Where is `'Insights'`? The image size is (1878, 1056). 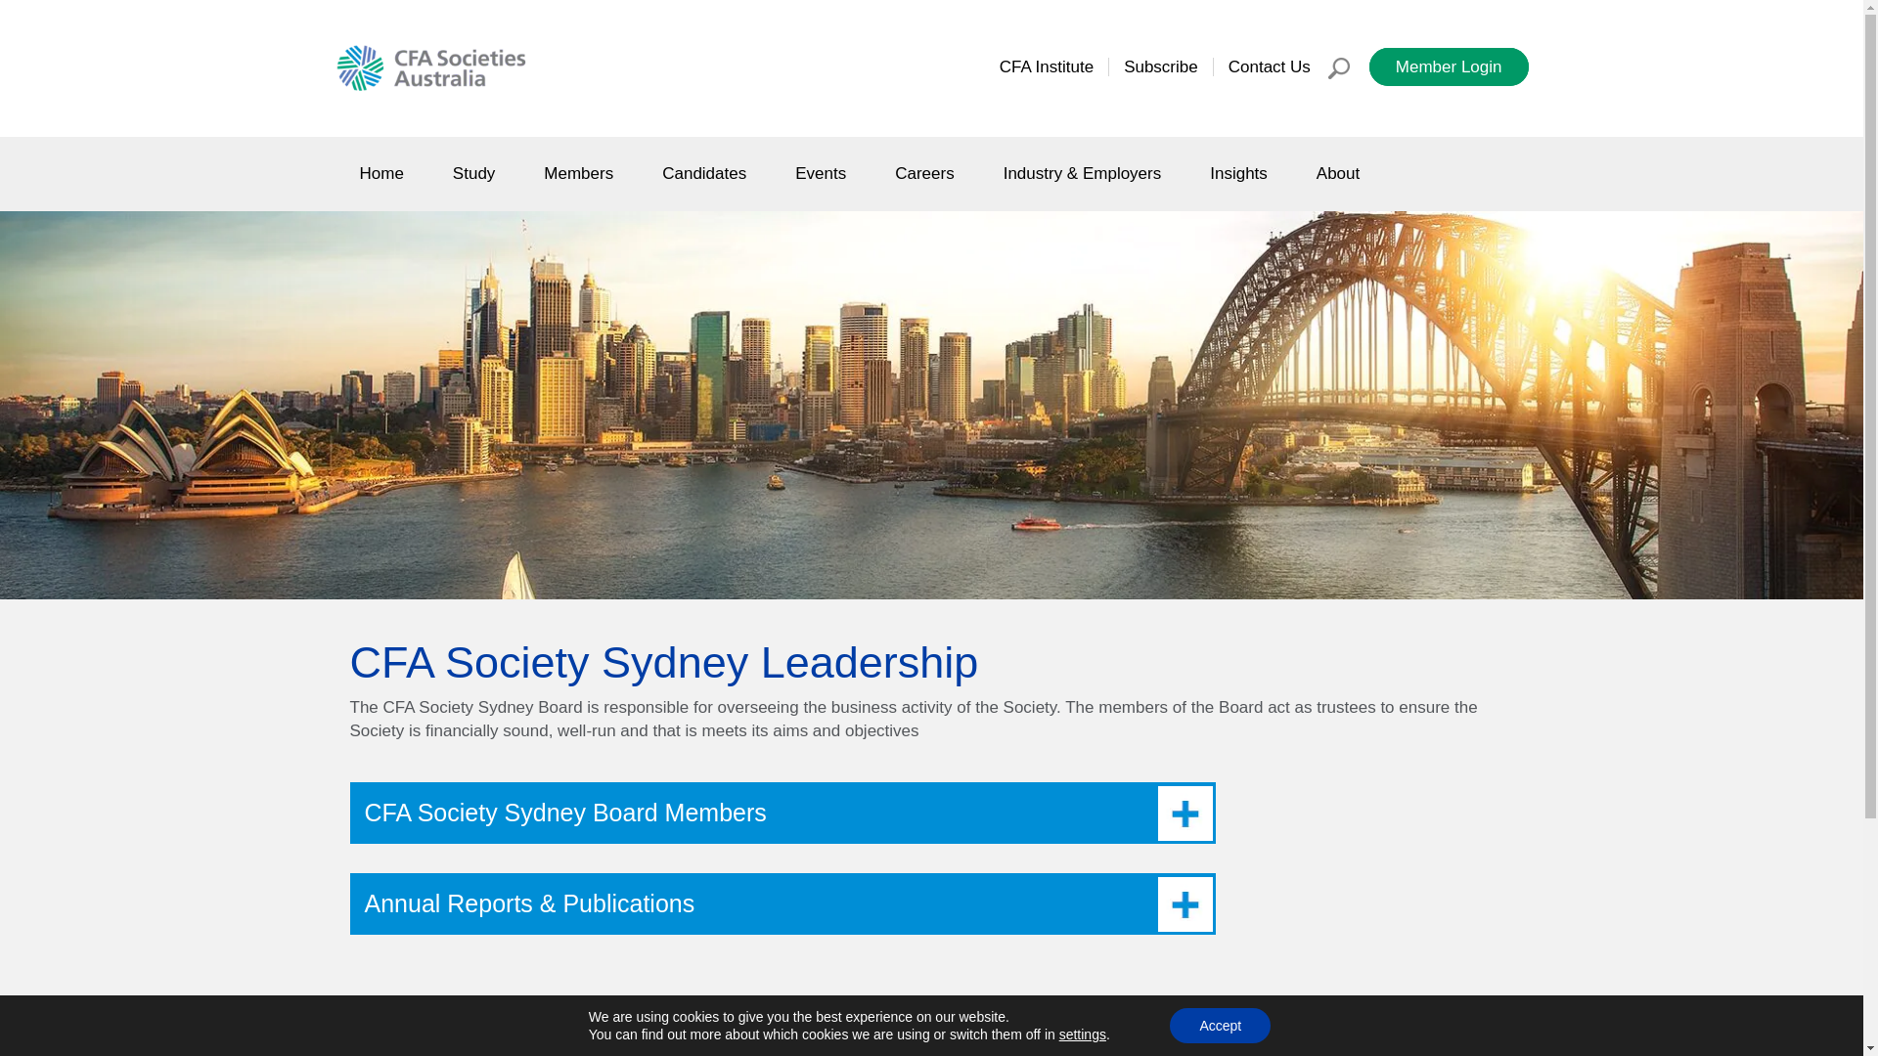 'Insights' is located at coordinates (1237, 172).